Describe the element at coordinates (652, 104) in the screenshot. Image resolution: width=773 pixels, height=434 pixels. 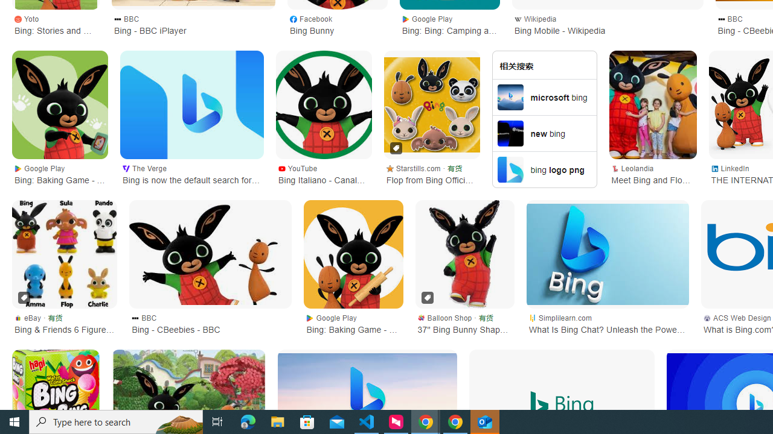
I see `'Meet Bing and Flop - Leolandia'` at that location.